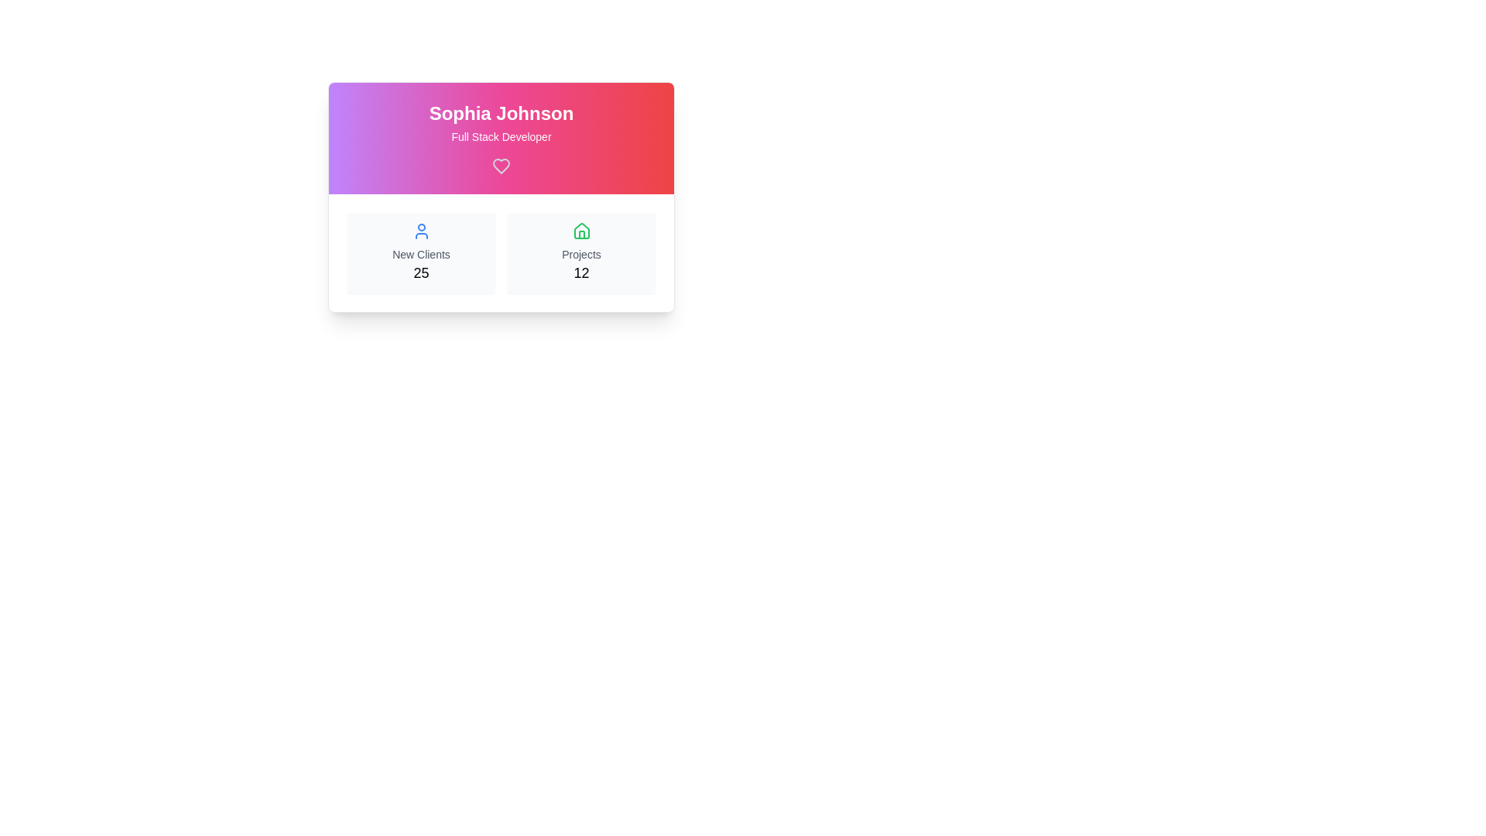  What do you see at coordinates (421, 252) in the screenshot?
I see `the Informational card representing the count of new clients, located in the top-left portion of the application interface` at bounding box center [421, 252].